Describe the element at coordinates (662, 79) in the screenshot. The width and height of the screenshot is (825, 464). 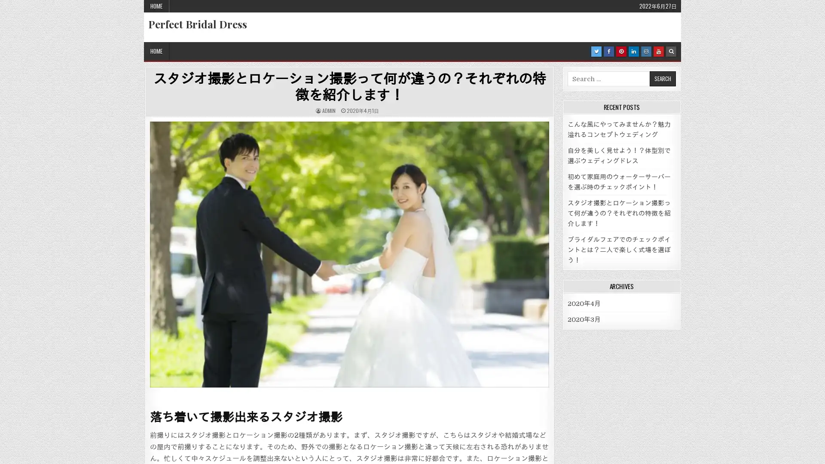
I see `Search` at that location.